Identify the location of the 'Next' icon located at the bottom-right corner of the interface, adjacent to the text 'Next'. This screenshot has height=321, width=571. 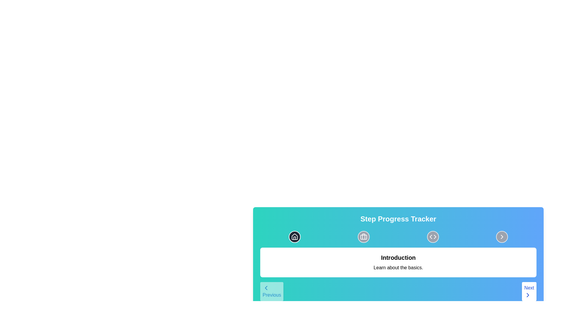
(528, 295).